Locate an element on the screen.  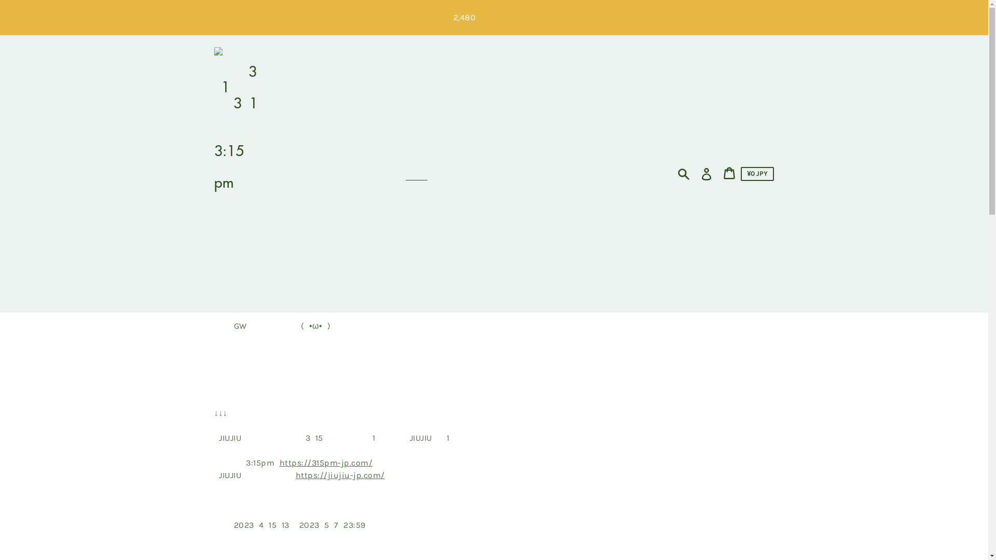
'https://315pm-jp.com/' is located at coordinates (325, 462).